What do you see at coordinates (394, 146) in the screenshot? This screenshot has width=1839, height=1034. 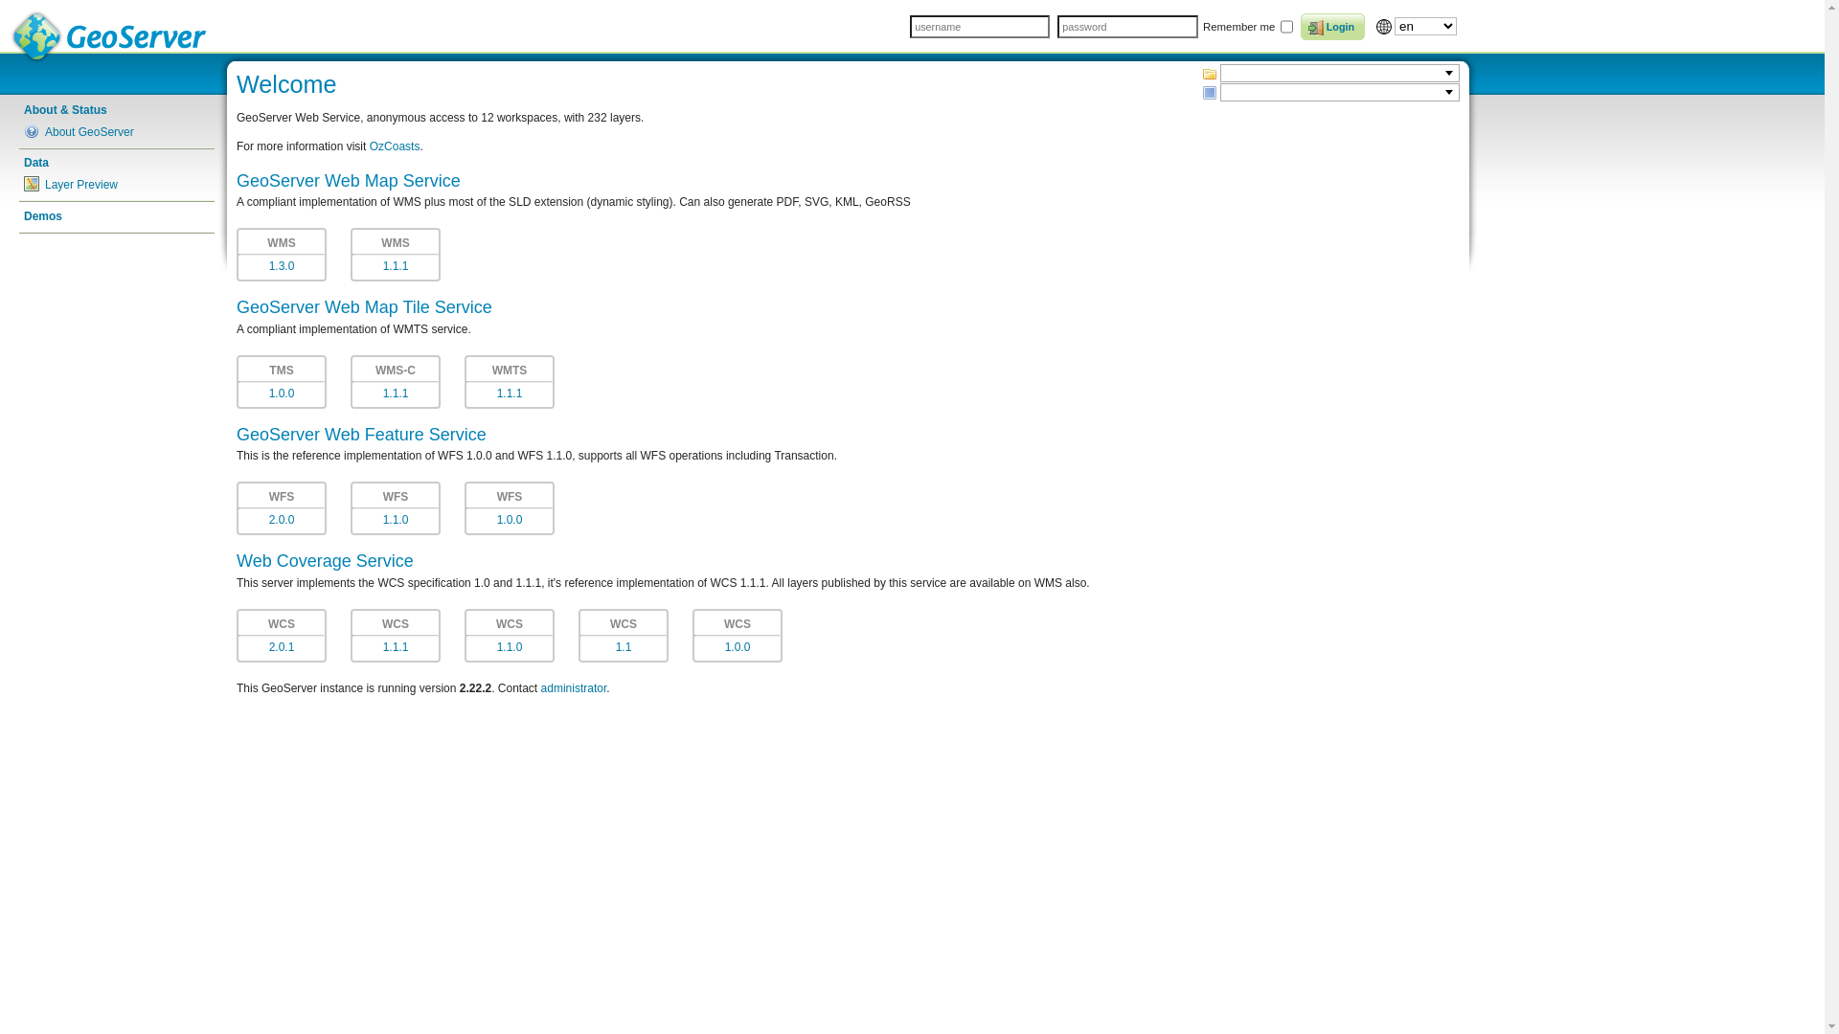 I see `'OzCoasts'` at bounding box center [394, 146].